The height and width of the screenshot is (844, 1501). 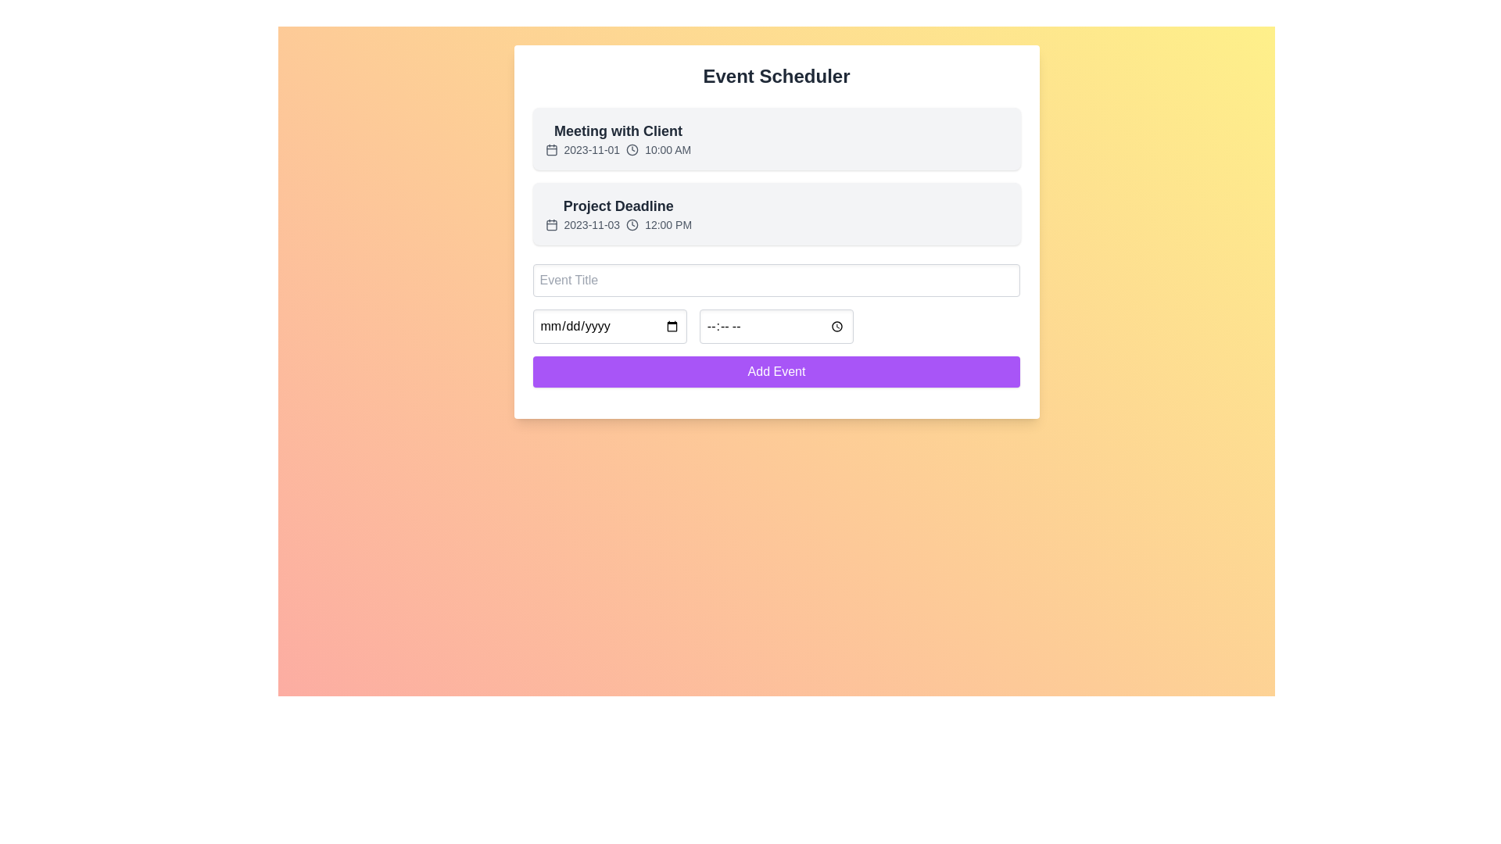 What do you see at coordinates (618, 225) in the screenshot?
I see `the text display element showing the scheduled time and date '2023-11-03 12:00 PM' with accompanying calendar and clock icons, located below the 'Project Deadline' label` at bounding box center [618, 225].